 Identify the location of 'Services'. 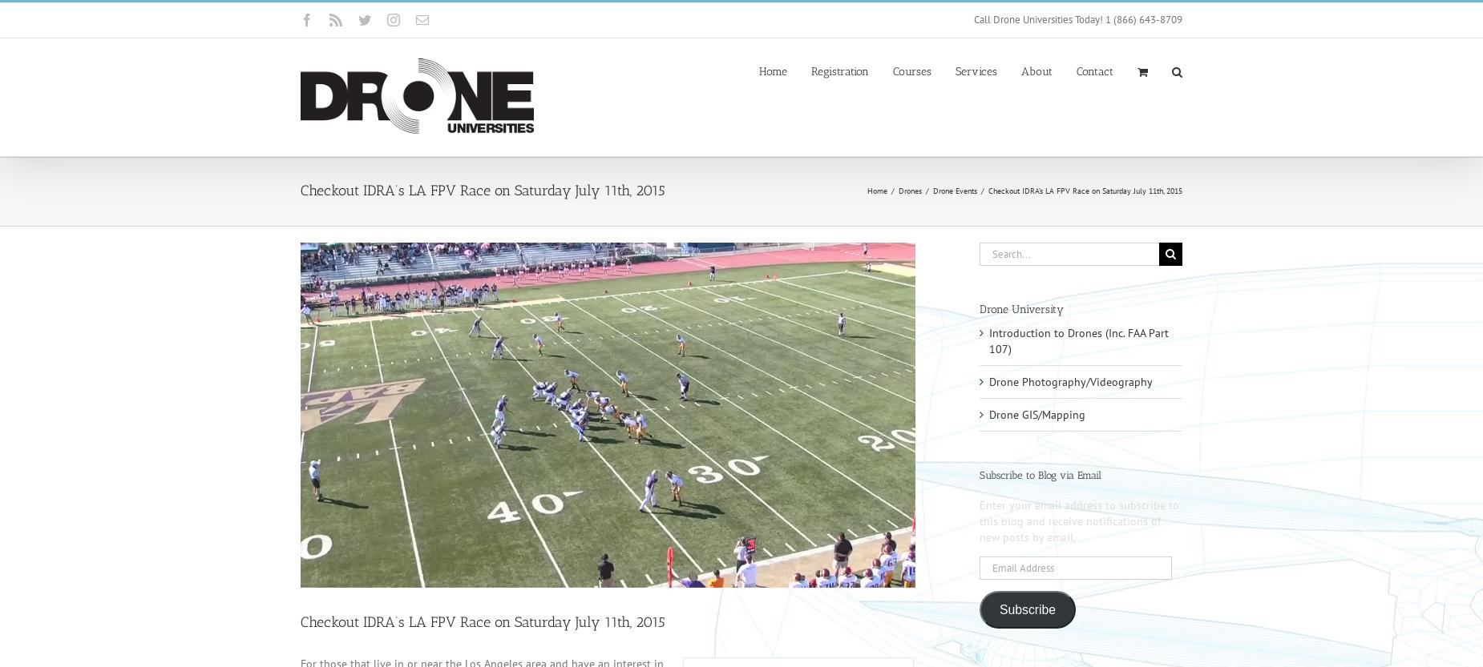
(976, 72).